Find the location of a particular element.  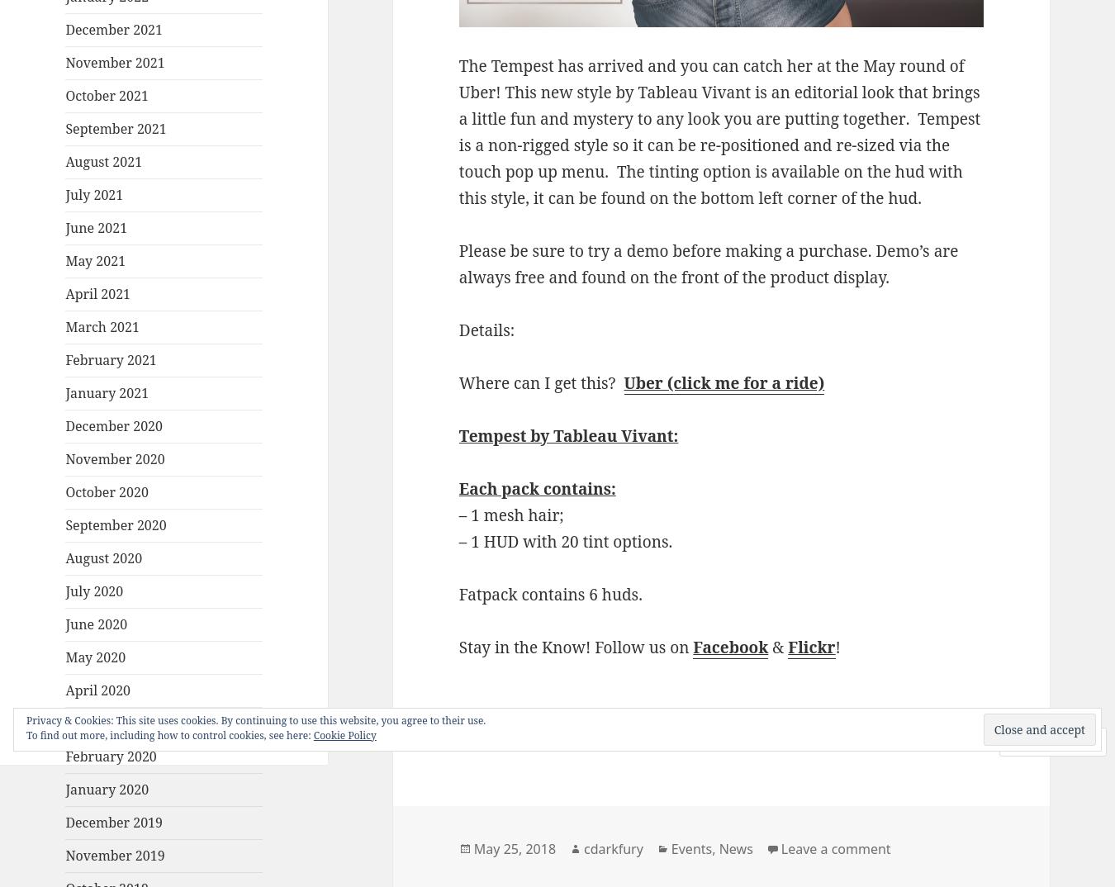

'May 2020' is located at coordinates (95, 657).